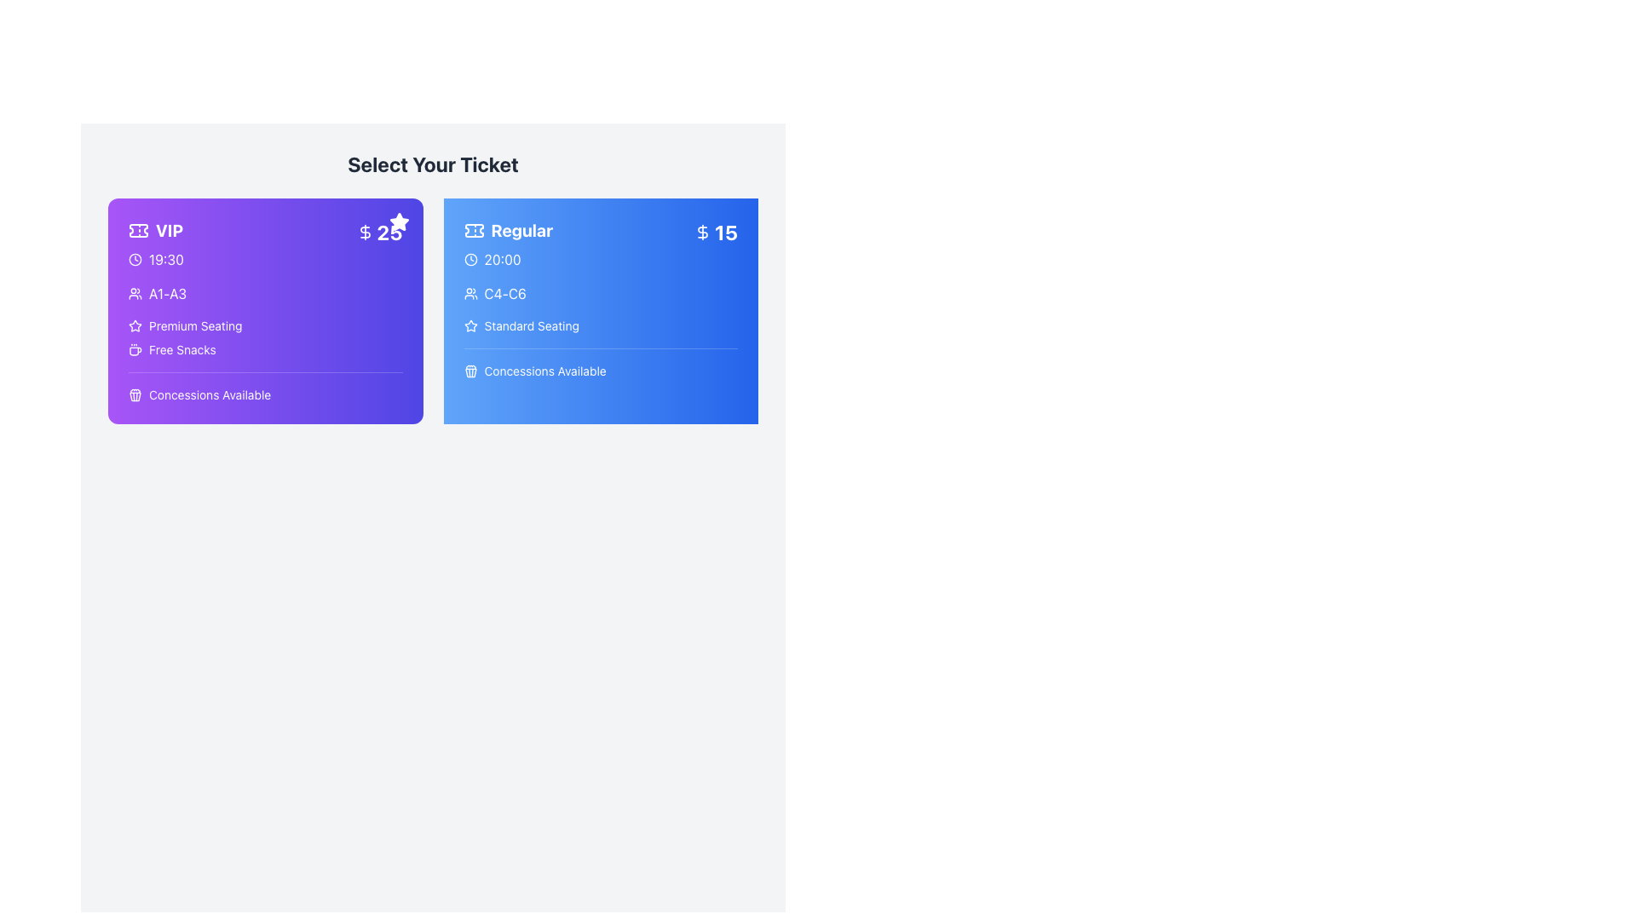 This screenshot has height=920, width=1636. I want to click on the static text label displaying 'VIP' which is styled in a bold and large font, located at the top-left of the purple card for the VIP ticket option, so click(170, 230).